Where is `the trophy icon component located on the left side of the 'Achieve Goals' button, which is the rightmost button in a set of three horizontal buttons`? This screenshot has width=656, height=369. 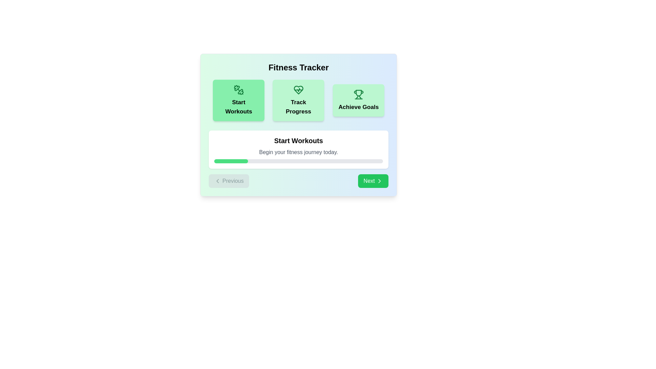 the trophy icon component located on the left side of the 'Achieve Goals' button, which is the rightmost button in a set of three horizontal buttons is located at coordinates (356, 97).